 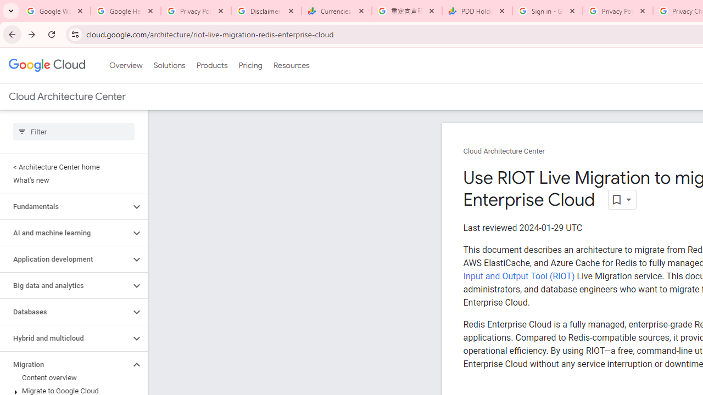 I want to click on 'Open dropdown', so click(x=622, y=200).